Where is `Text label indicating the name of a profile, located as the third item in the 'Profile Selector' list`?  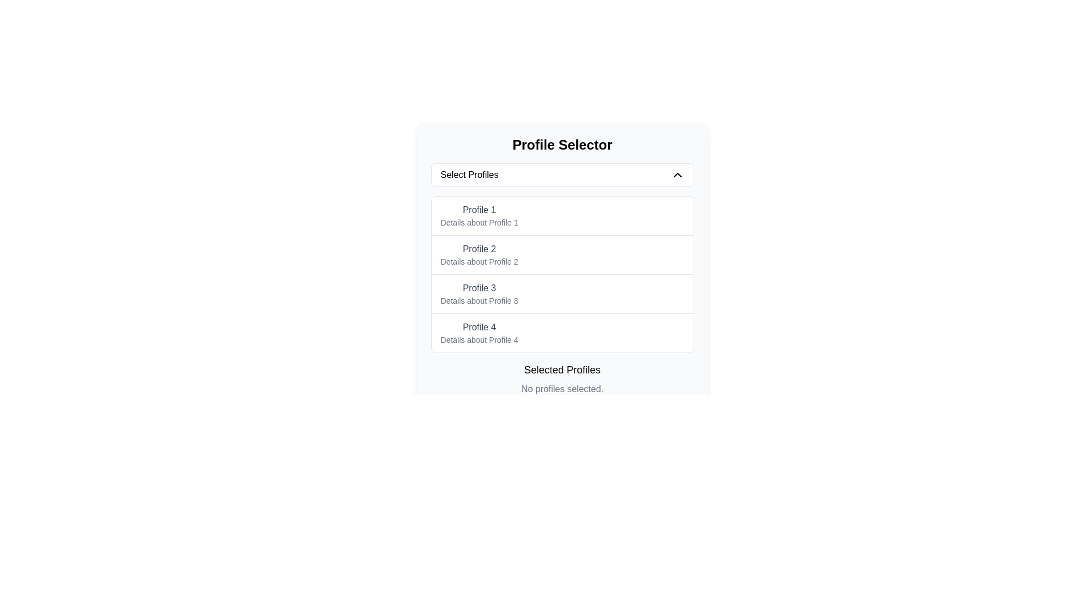 Text label indicating the name of a profile, located as the third item in the 'Profile Selector' list is located at coordinates (479, 288).